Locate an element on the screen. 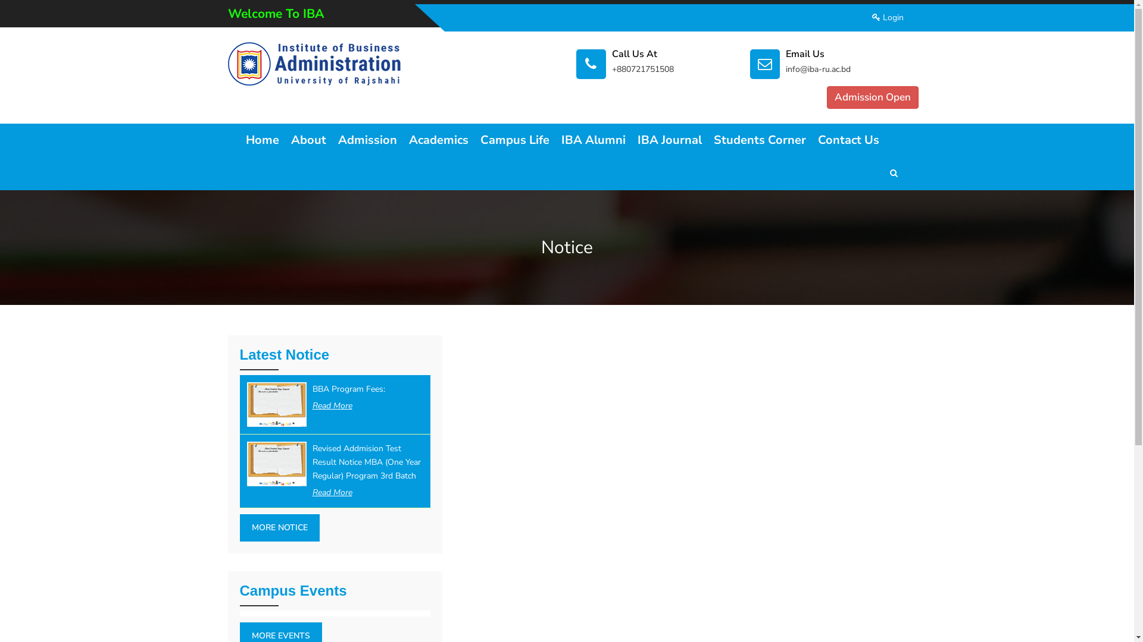 This screenshot has width=1143, height=642. 'Admission' is located at coordinates (367, 139).